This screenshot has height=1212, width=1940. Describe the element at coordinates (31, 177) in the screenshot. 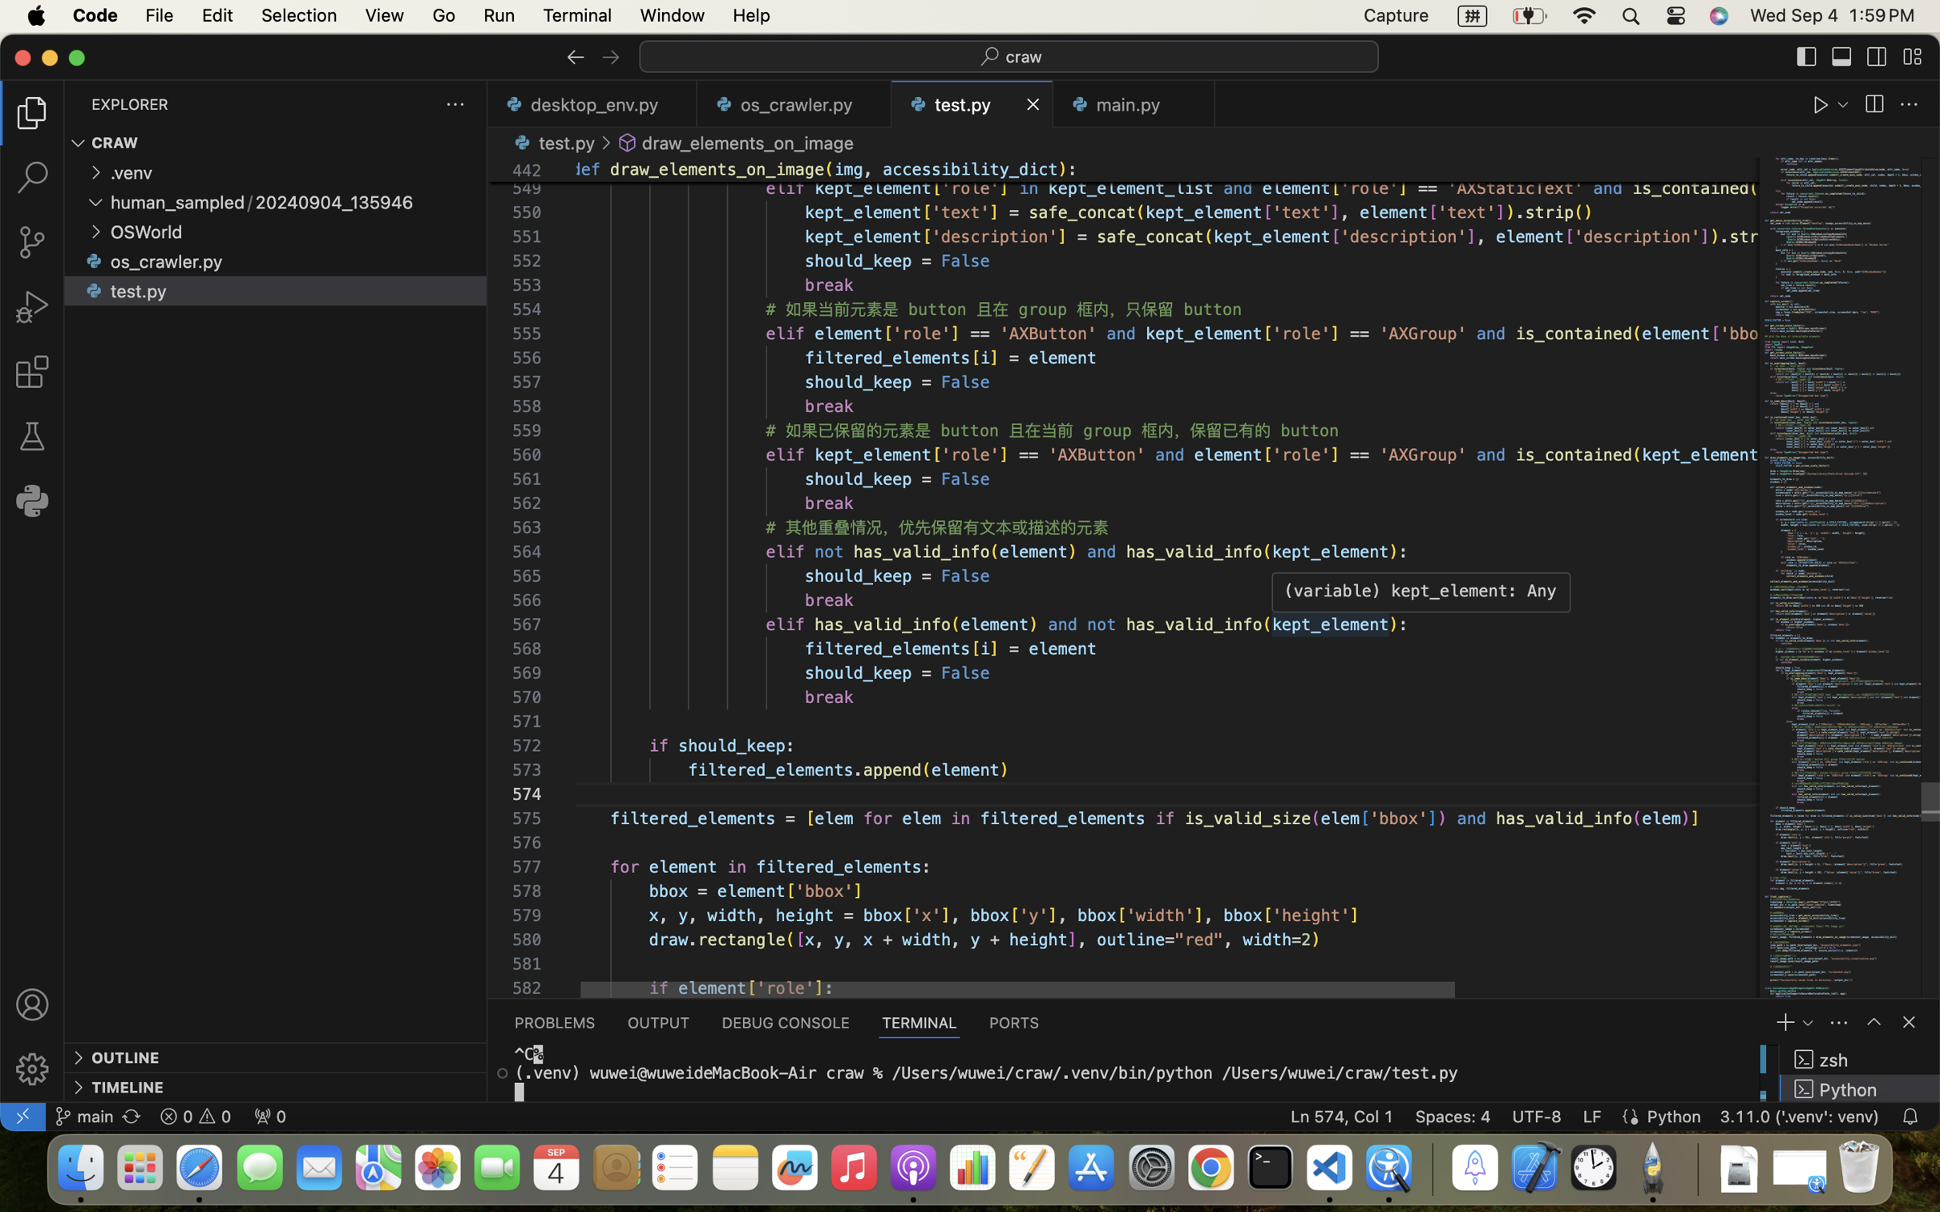

I see `'0 '` at that location.